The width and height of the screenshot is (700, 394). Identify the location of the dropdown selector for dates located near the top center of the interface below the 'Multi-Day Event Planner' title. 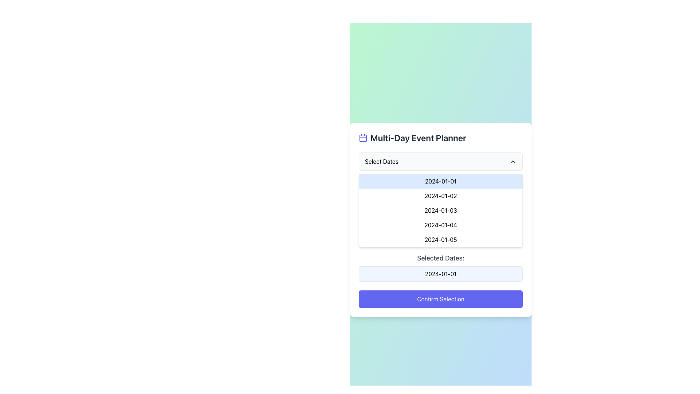
(440, 161).